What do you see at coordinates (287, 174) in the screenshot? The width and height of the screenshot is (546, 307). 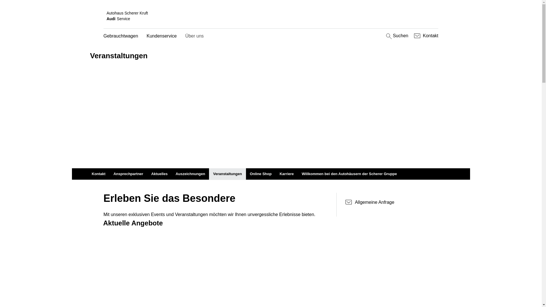 I see `'Karriere'` at bounding box center [287, 174].